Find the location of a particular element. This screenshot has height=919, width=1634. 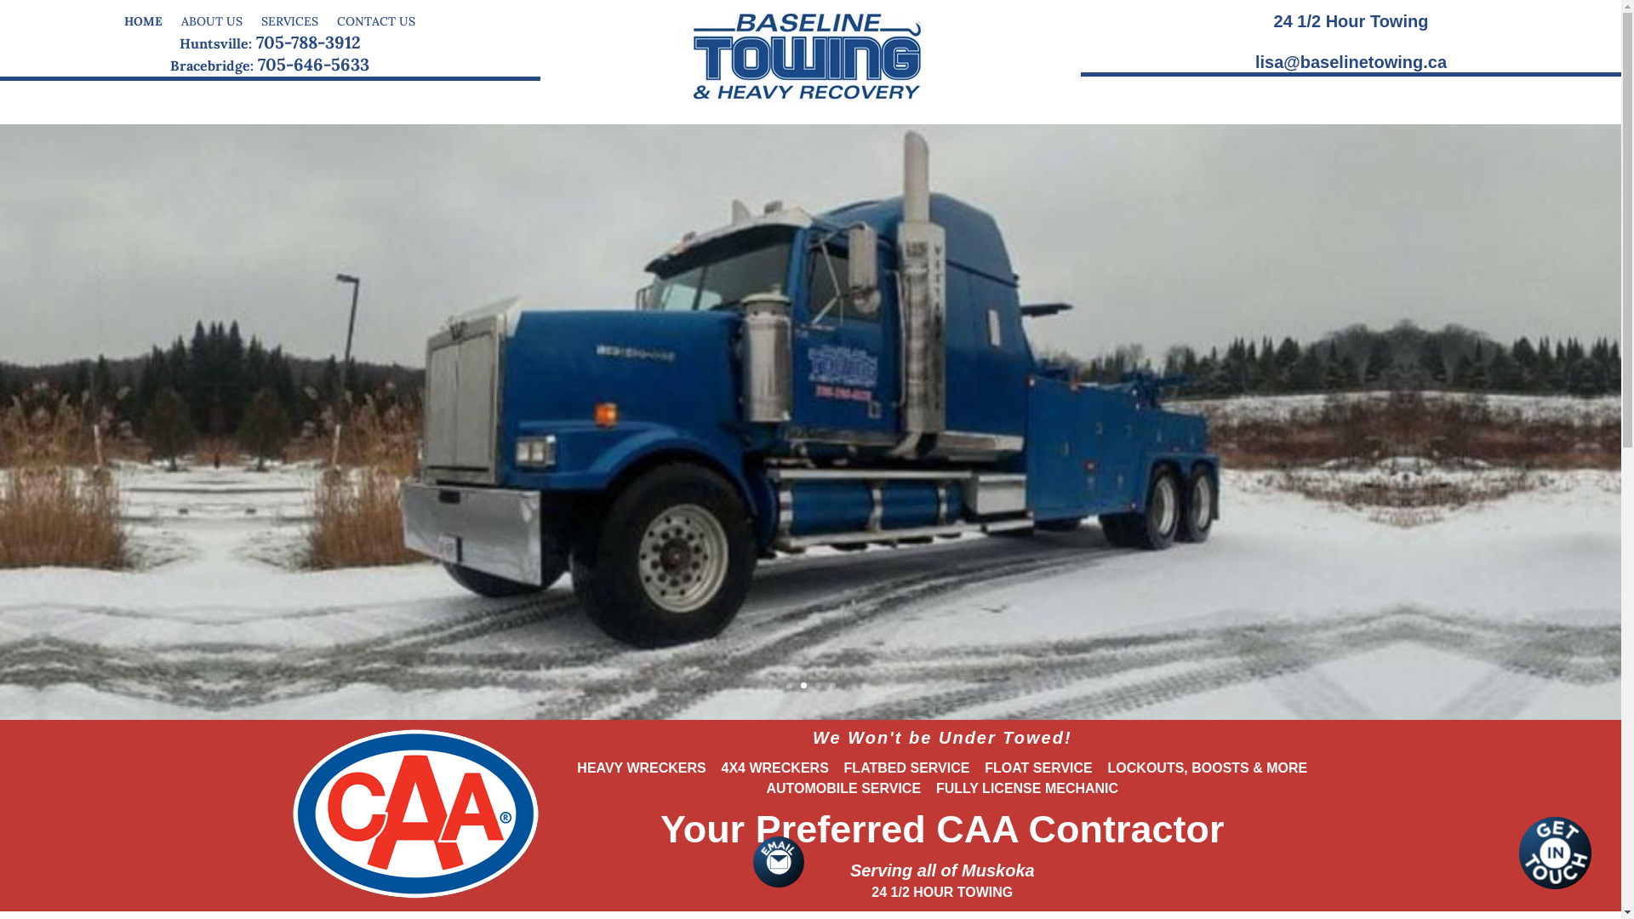

'SERVICES' is located at coordinates (289, 16).